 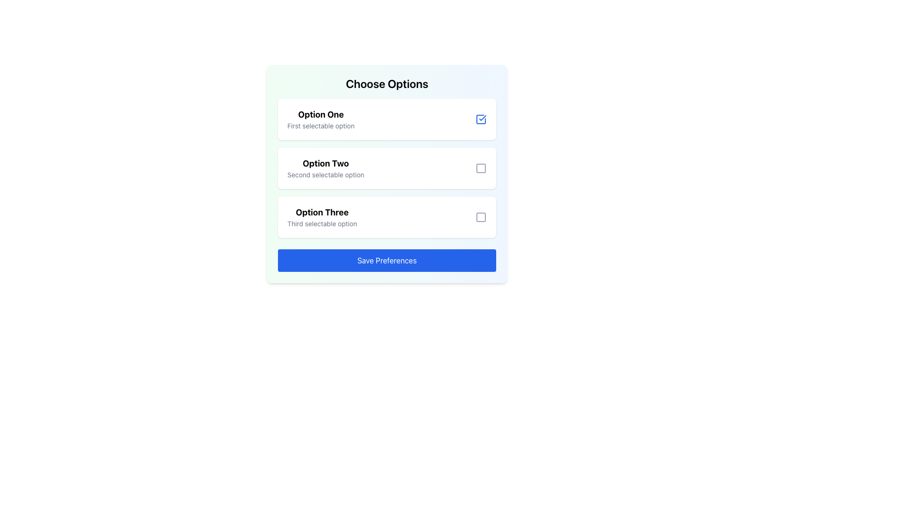 What do you see at coordinates (325, 168) in the screenshot?
I see `the second option in the list, which is identified by its text description and the presence of a checkbox to its right` at bounding box center [325, 168].